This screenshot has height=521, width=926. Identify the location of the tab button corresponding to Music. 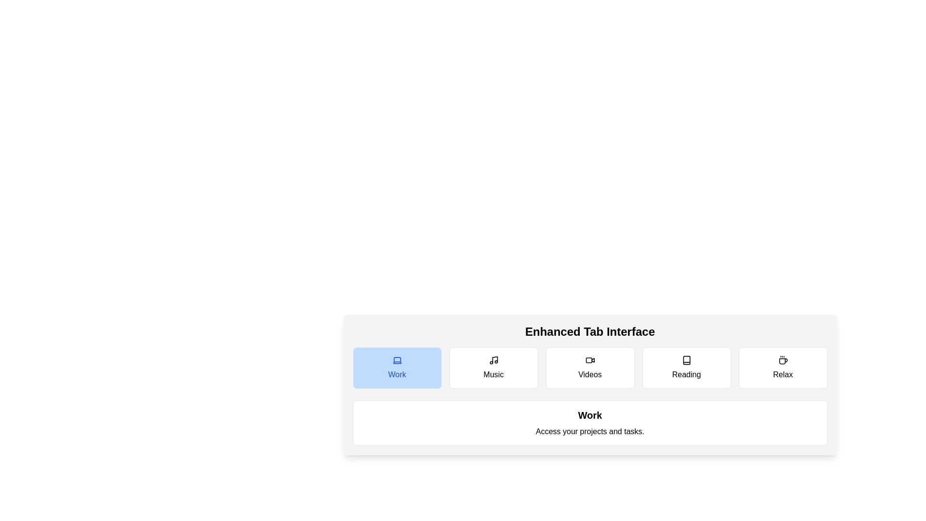
(493, 368).